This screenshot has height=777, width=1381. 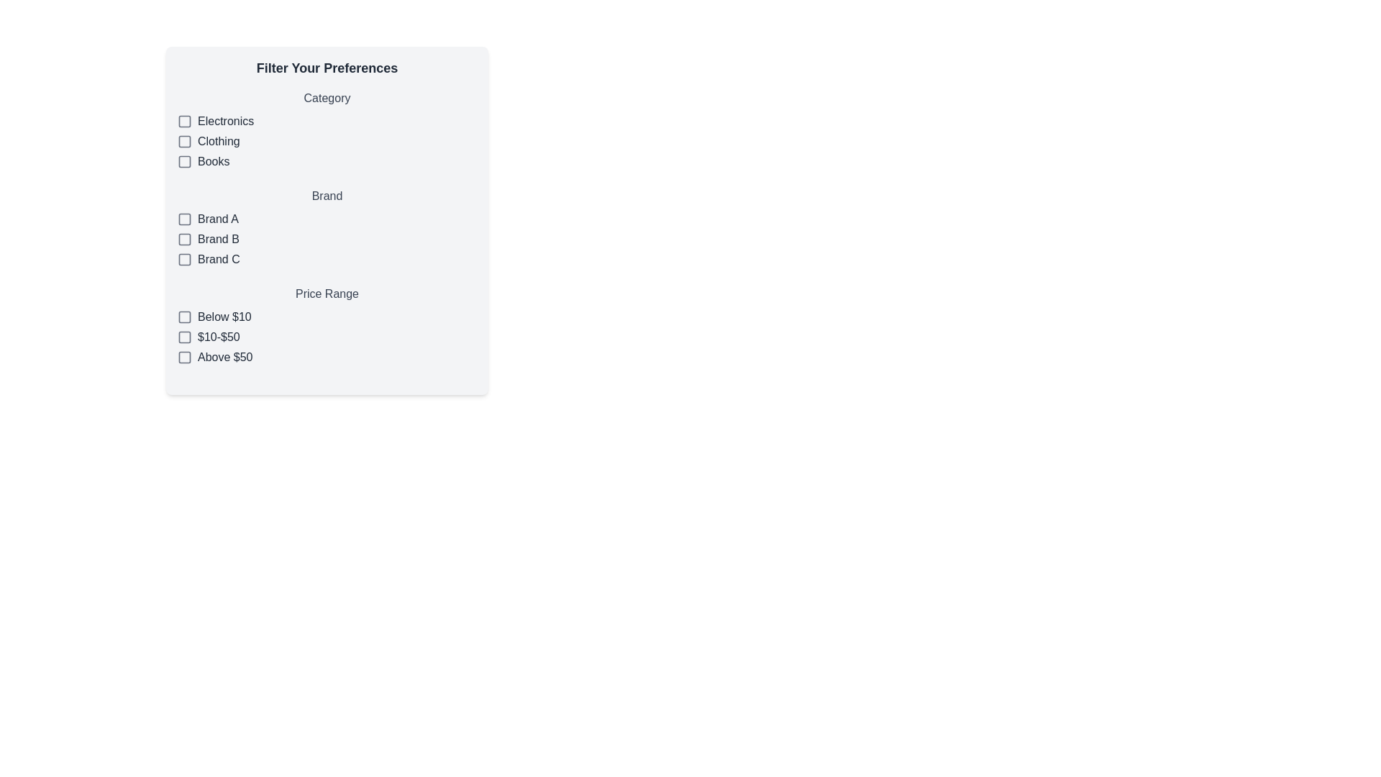 I want to click on the 'Electronics' text label, which is styled in gray and positioned next to a checkbox in the vertical filter menu, so click(x=225, y=121).